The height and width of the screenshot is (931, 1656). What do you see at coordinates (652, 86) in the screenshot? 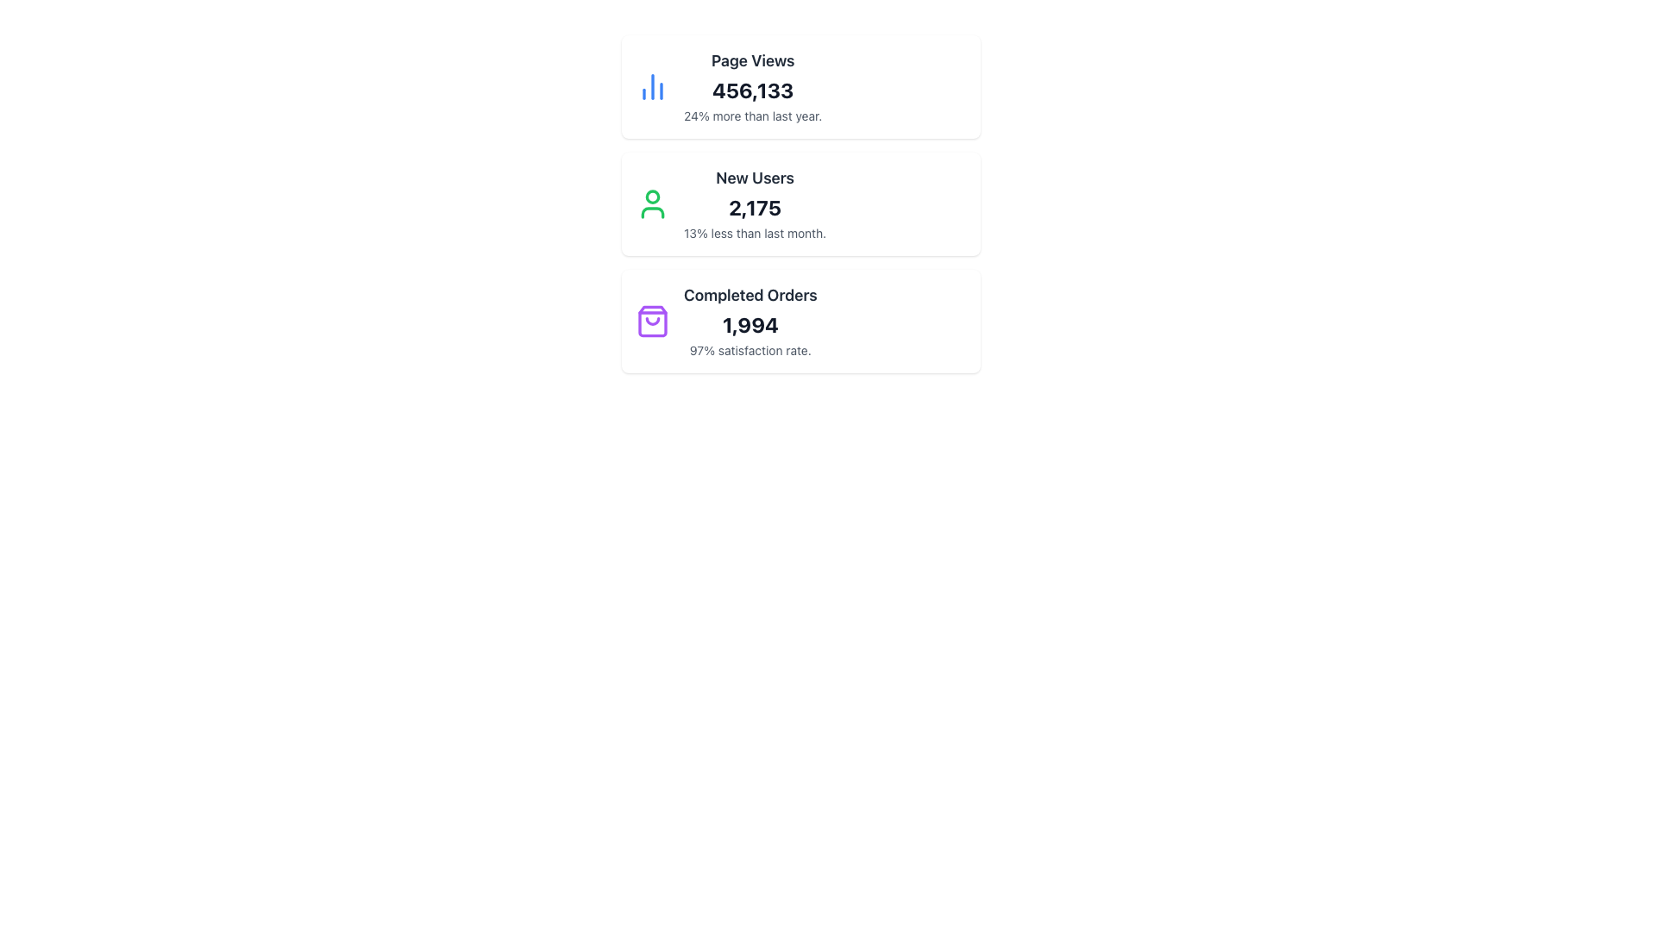
I see `the blue bar chart icon that visually represents statistical data, located at the top-left inside the 'Page Views' card, adjacent to the numeric value '456,133'` at bounding box center [652, 86].